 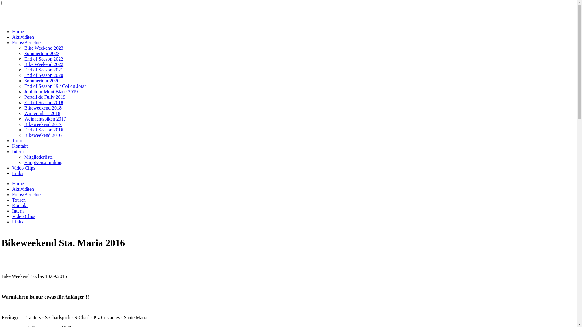 I want to click on 'Bike Weekend 2022', so click(x=24, y=64).